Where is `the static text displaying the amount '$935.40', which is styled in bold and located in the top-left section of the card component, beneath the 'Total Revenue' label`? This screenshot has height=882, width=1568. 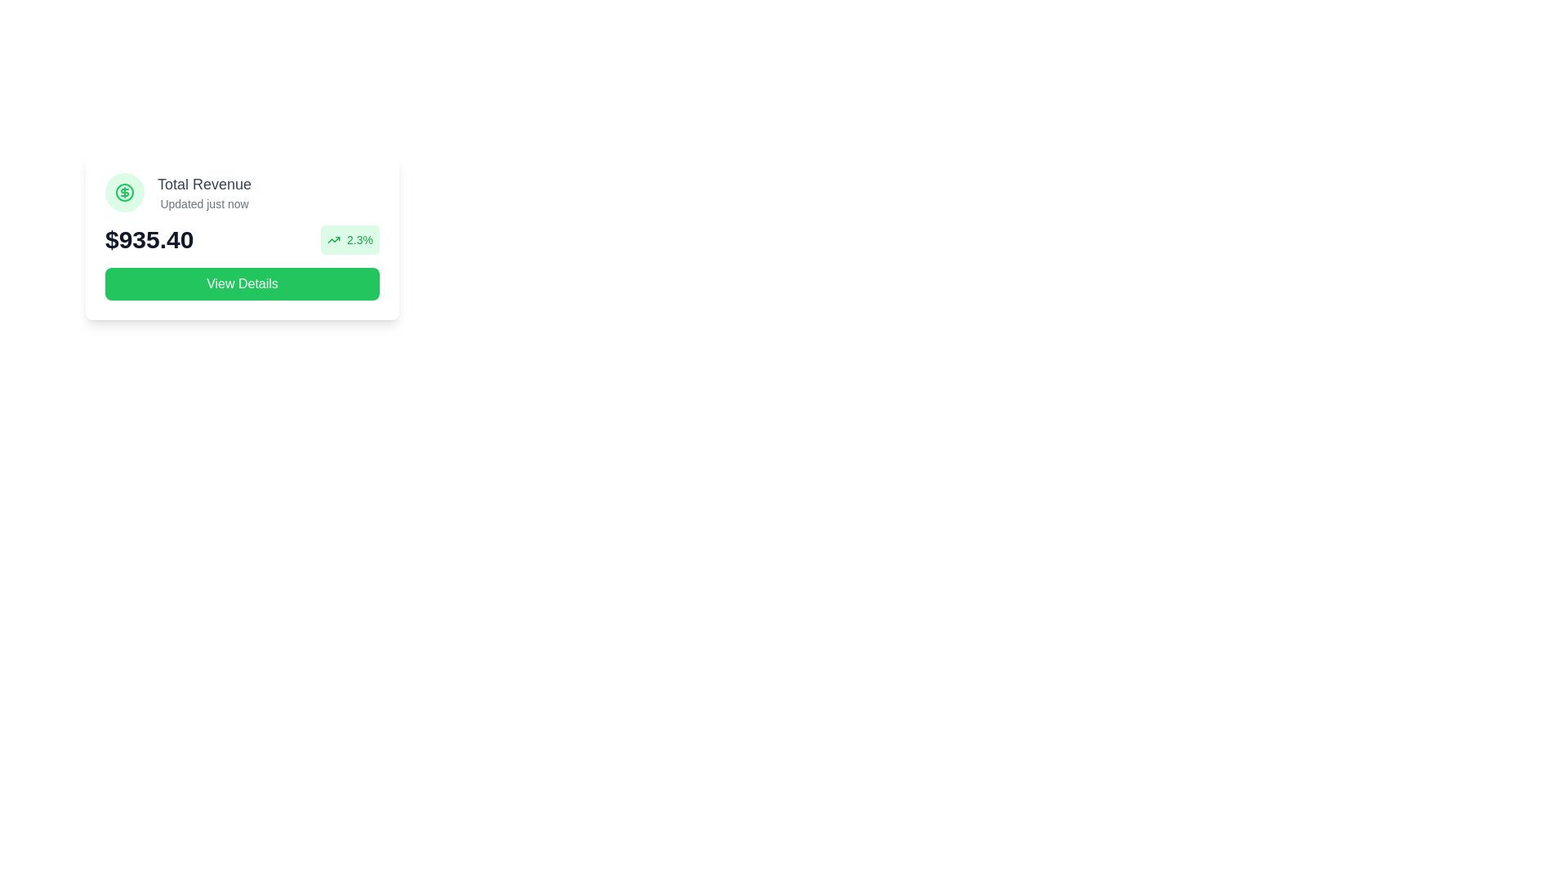 the static text displaying the amount '$935.40', which is styled in bold and located in the top-left section of the card component, beneath the 'Total Revenue' label is located at coordinates (149, 239).